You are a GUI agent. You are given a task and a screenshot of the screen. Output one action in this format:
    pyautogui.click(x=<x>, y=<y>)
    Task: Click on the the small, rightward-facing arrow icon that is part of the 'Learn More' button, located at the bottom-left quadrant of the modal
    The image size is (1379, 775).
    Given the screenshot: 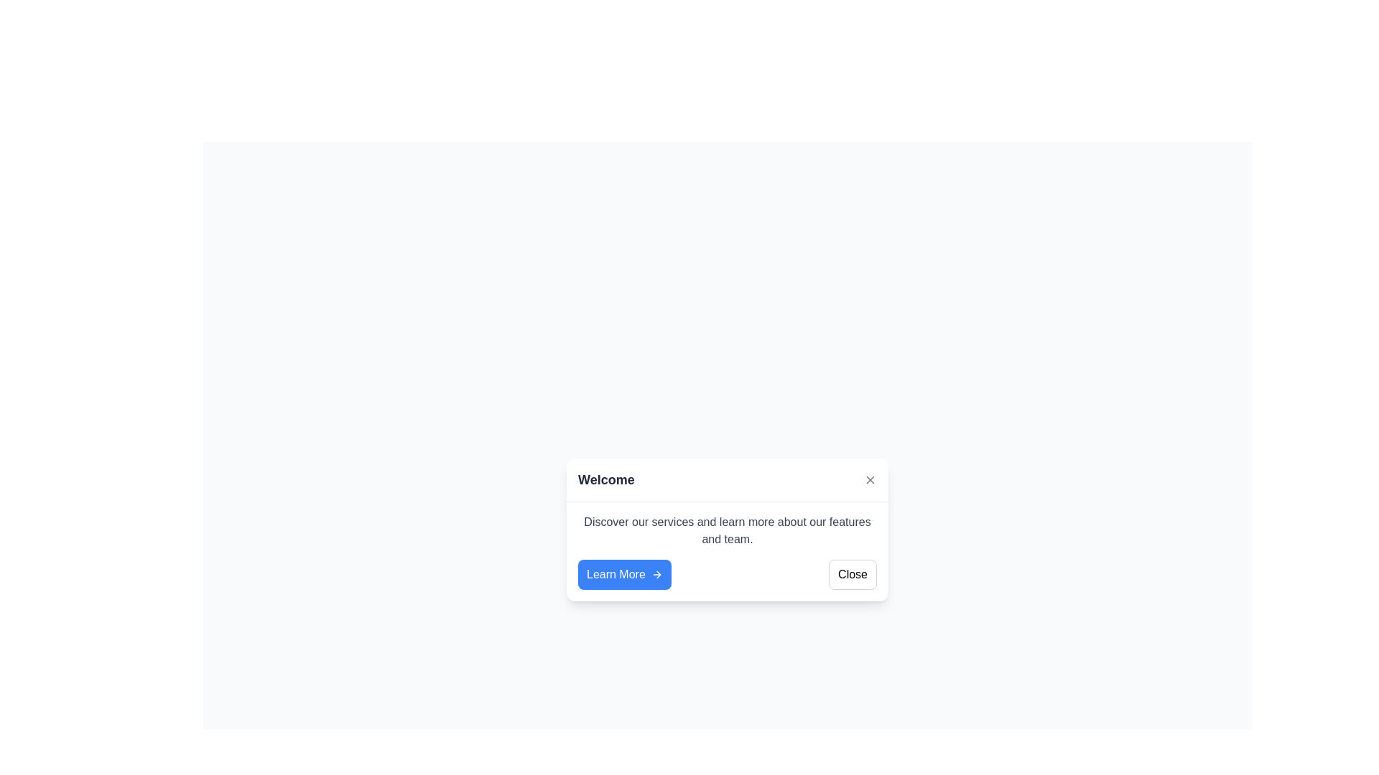 What is the action you would take?
    pyautogui.click(x=656, y=574)
    